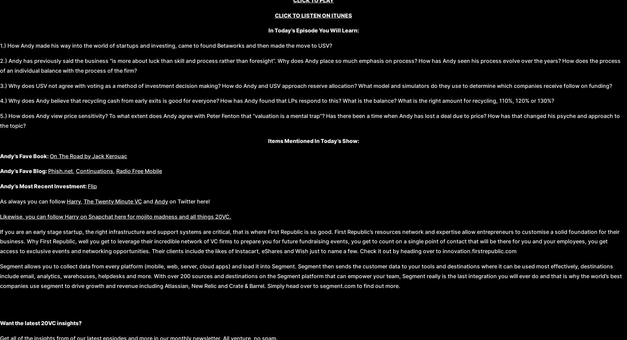  Describe the element at coordinates (306, 85) in the screenshot. I see `'3.) Why does USV not agree with voting as a method of investment decision making? How do Andy and USV approach reserve allocation? What model and simulators do they use to determine which companies receive follow on funding?'` at that location.